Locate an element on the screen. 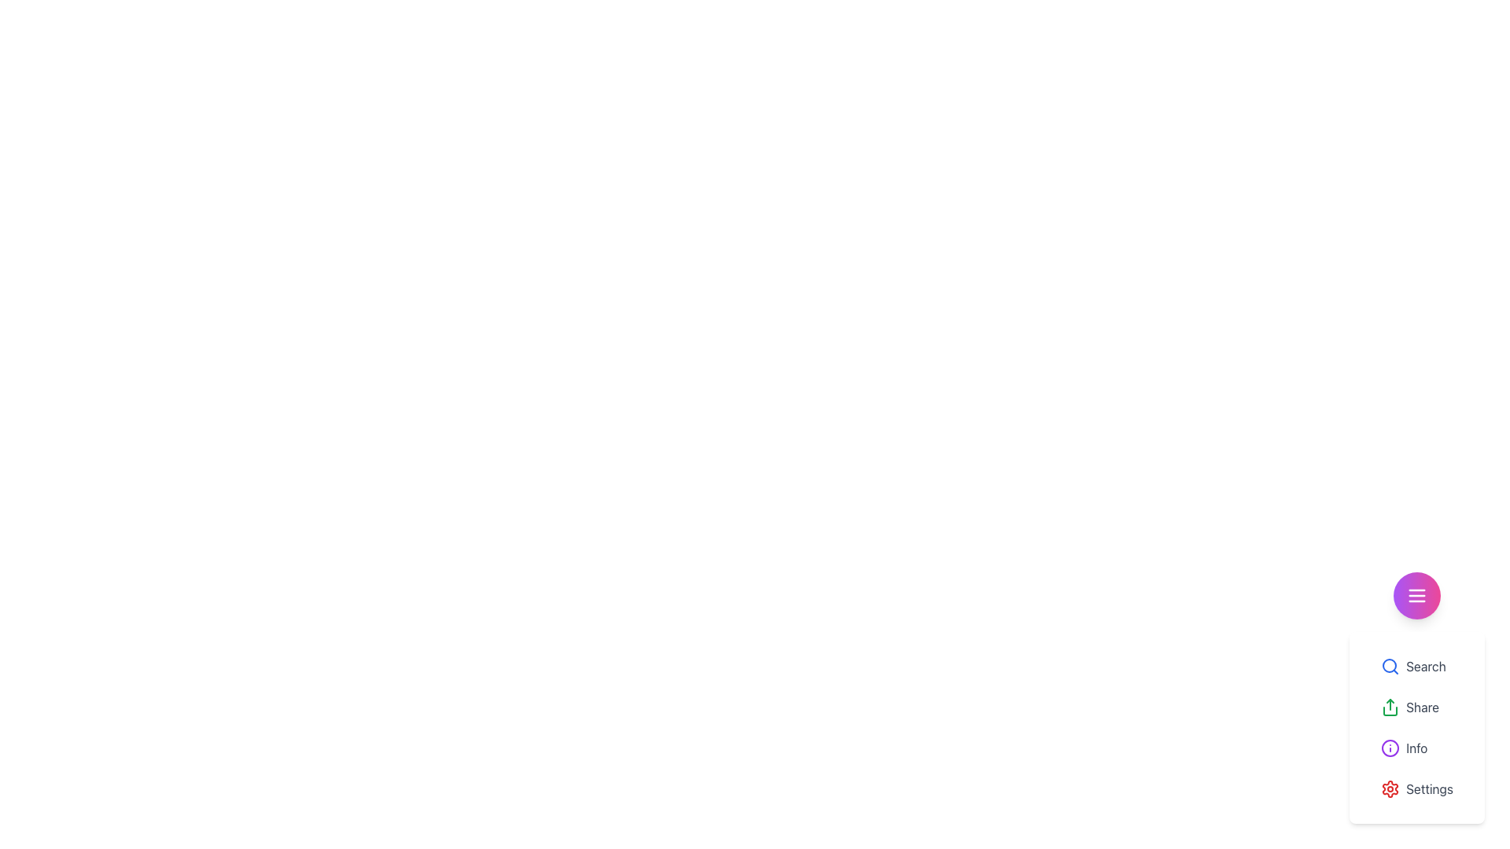  the 'Share' button located in the bottom-right of the interface is located at coordinates (1417, 727).